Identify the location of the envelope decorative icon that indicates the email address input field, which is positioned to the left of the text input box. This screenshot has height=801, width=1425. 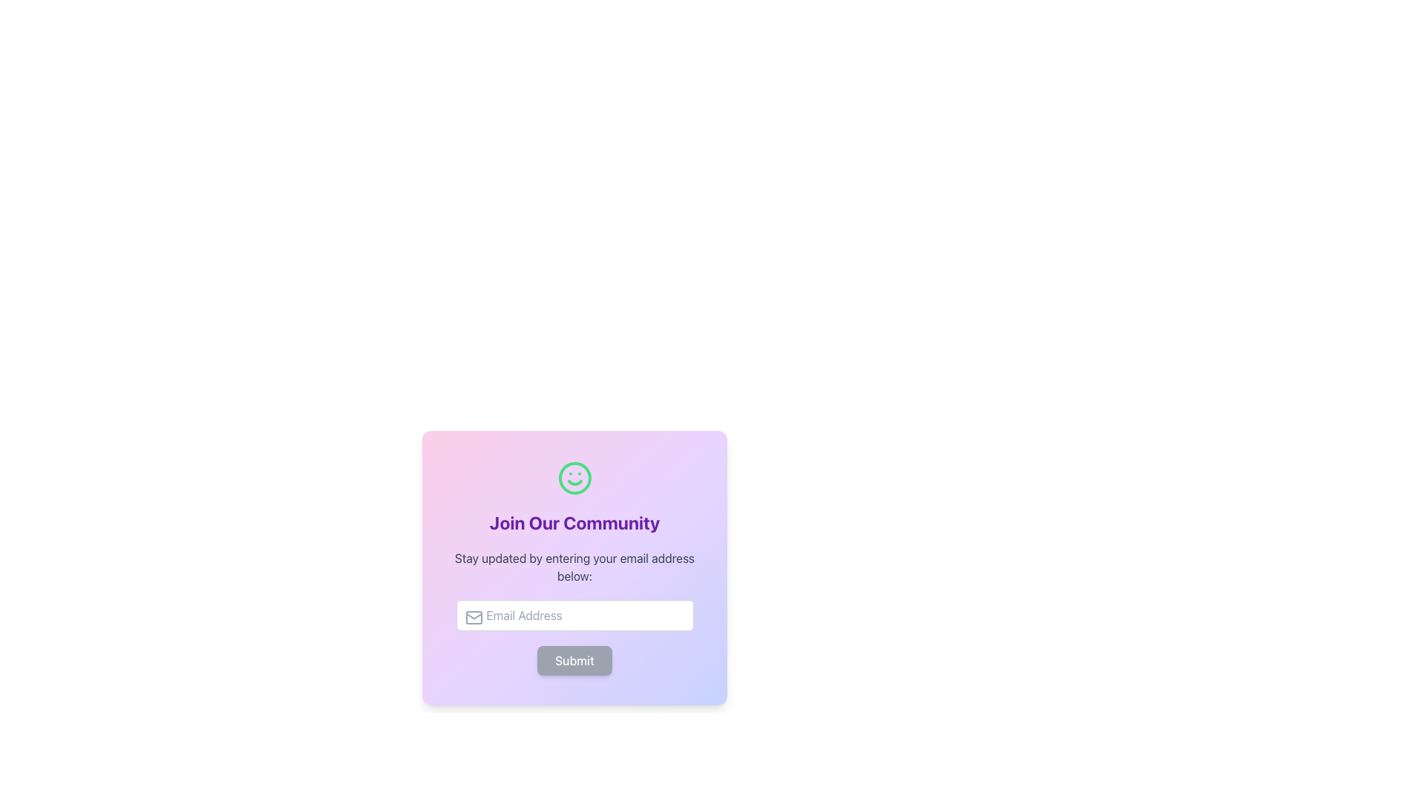
(473, 618).